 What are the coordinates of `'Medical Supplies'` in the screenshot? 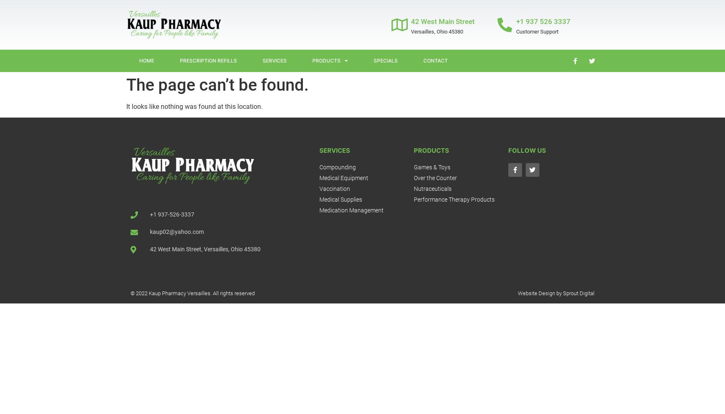 It's located at (319, 199).